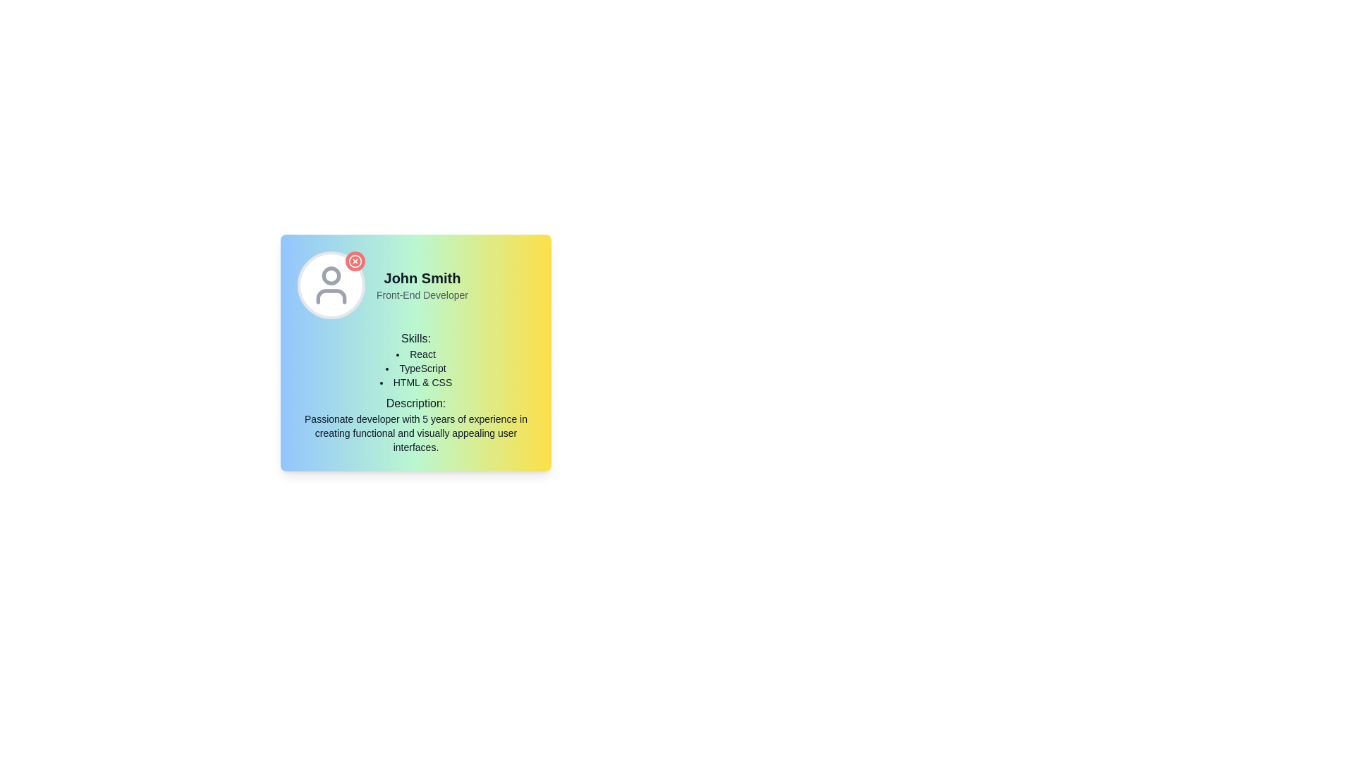 This screenshot has width=1354, height=761. What do you see at coordinates (415, 285) in the screenshot?
I see `the text display component that serves as a header for displaying a person's name and job title, located at the top-left section of the rounded rectangle` at bounding box center [415, 285].